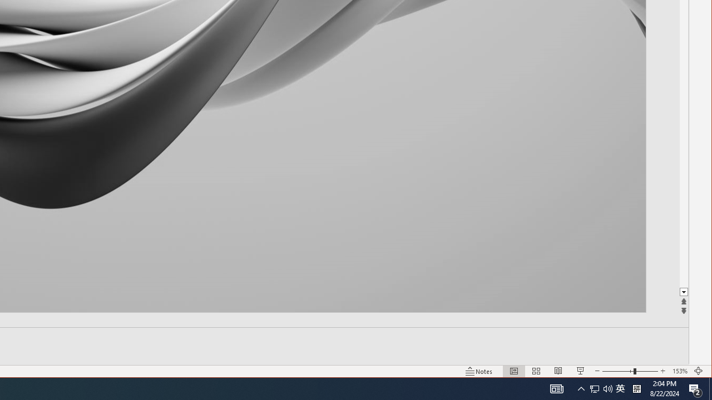 The image size is (712, 400). Describe the element at coordinates (679, 371) in the screenshot. I see `'Zoom 153%'` at that location.